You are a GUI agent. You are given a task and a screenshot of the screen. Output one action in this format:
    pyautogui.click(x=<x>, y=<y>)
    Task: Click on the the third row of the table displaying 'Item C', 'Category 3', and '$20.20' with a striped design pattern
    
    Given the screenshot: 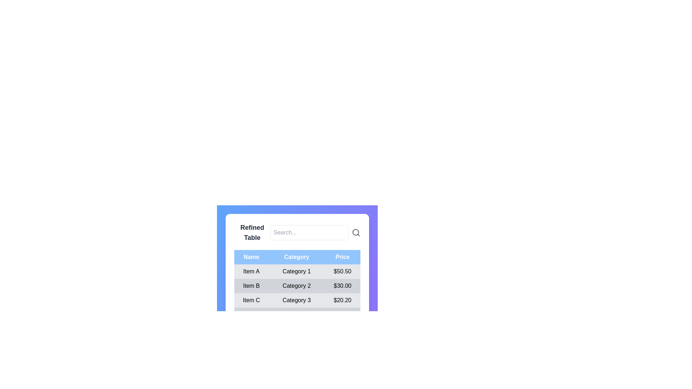 What is the action you would take?
    pyautogui.click(x=297, y=300)
    